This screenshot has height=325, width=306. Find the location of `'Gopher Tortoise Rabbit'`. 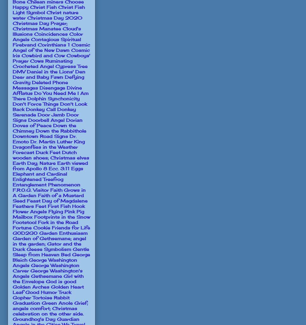

'Gopher Tortoise Rabbit' is located at coordinates (41, 297).